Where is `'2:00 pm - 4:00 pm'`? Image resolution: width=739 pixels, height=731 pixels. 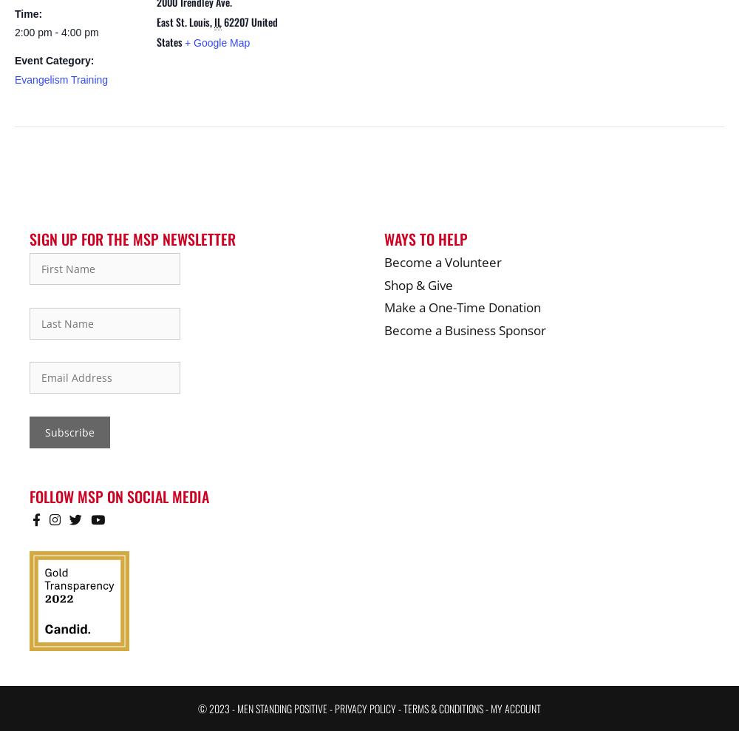 '2:00 pm - 4:00 pm' is located at coordinates (55, 31).